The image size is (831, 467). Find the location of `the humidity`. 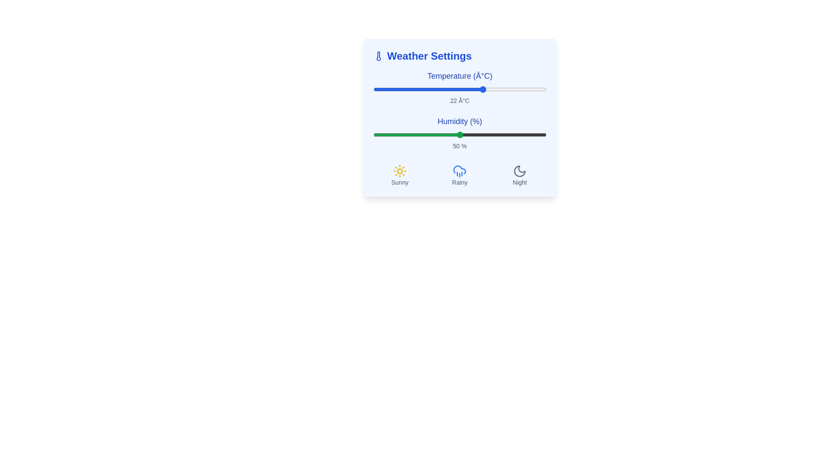

the humidity is located at coordinates (480, 135).